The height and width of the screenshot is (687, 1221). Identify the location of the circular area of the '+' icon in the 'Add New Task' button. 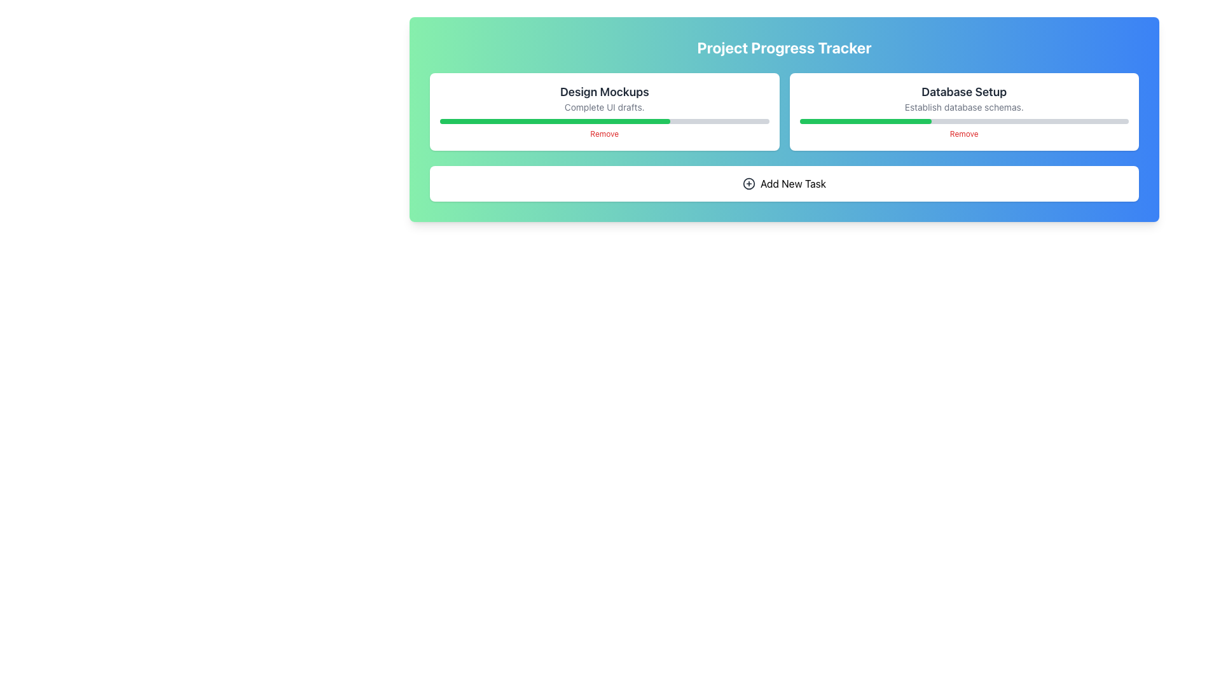
(748, 184).